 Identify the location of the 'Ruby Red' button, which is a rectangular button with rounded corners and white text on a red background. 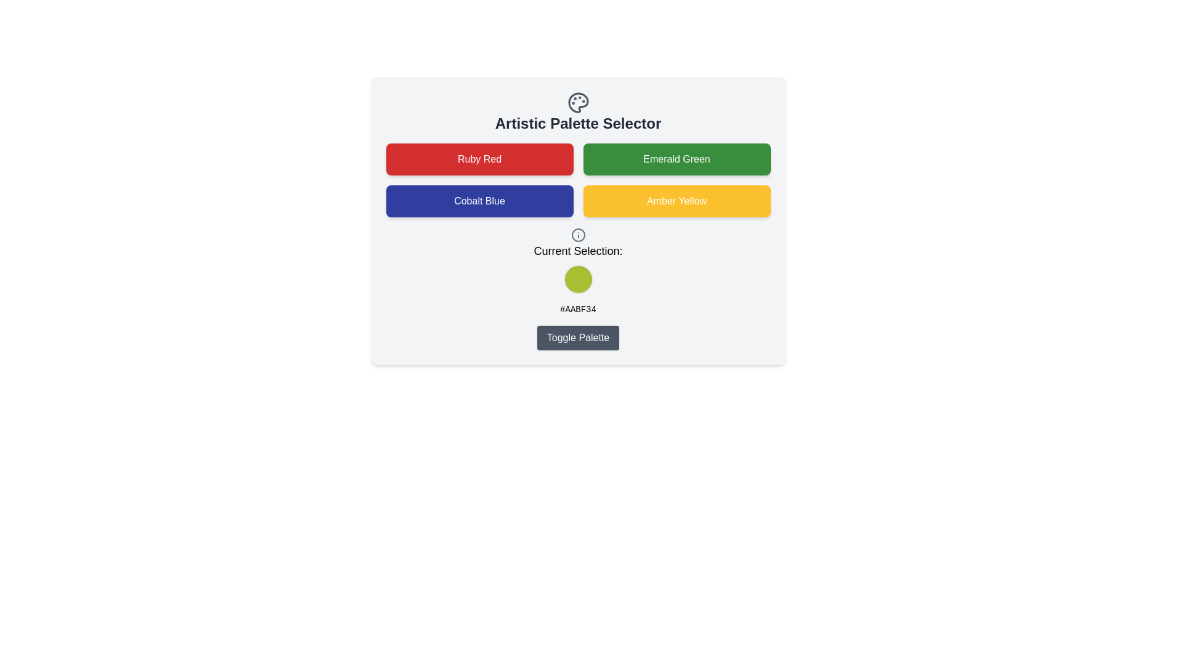
(479, 158).